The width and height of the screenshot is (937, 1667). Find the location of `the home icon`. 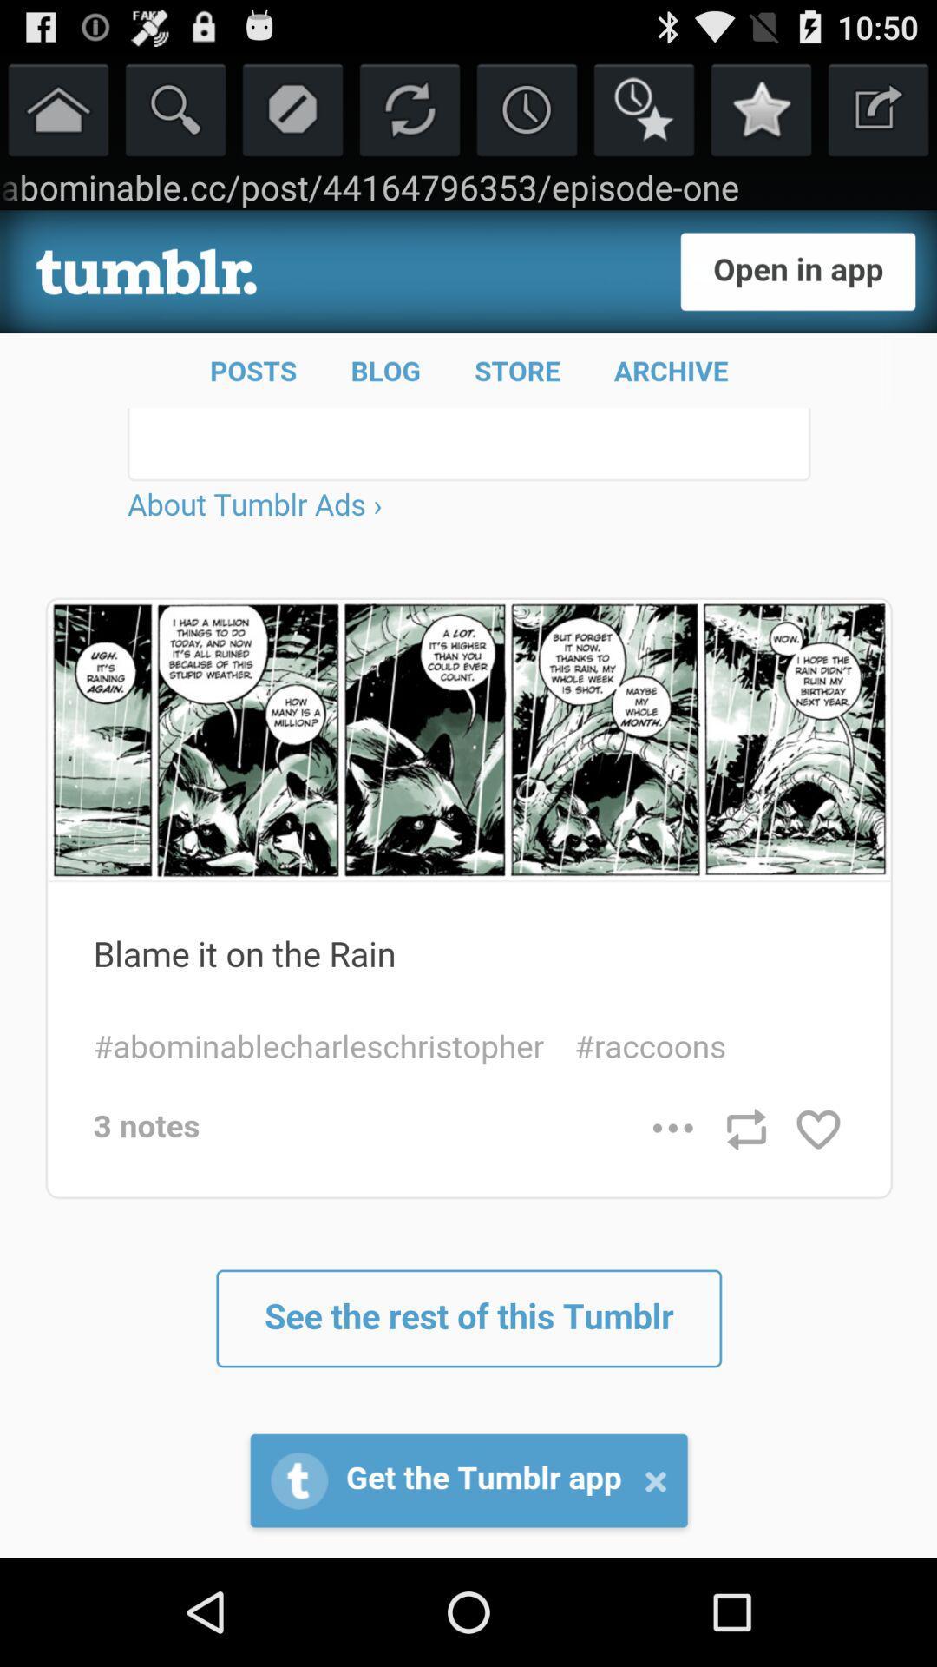

the home icon is located at coordinates (57, 115).